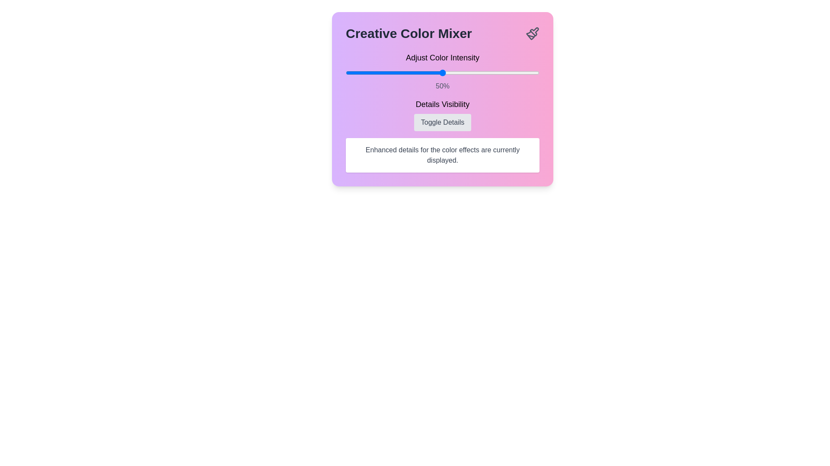 The width and height of the screenshot is (830, 466). Describe the element at coordinates (471, 72) in the screenshot. I see `the color intensity` at that location.